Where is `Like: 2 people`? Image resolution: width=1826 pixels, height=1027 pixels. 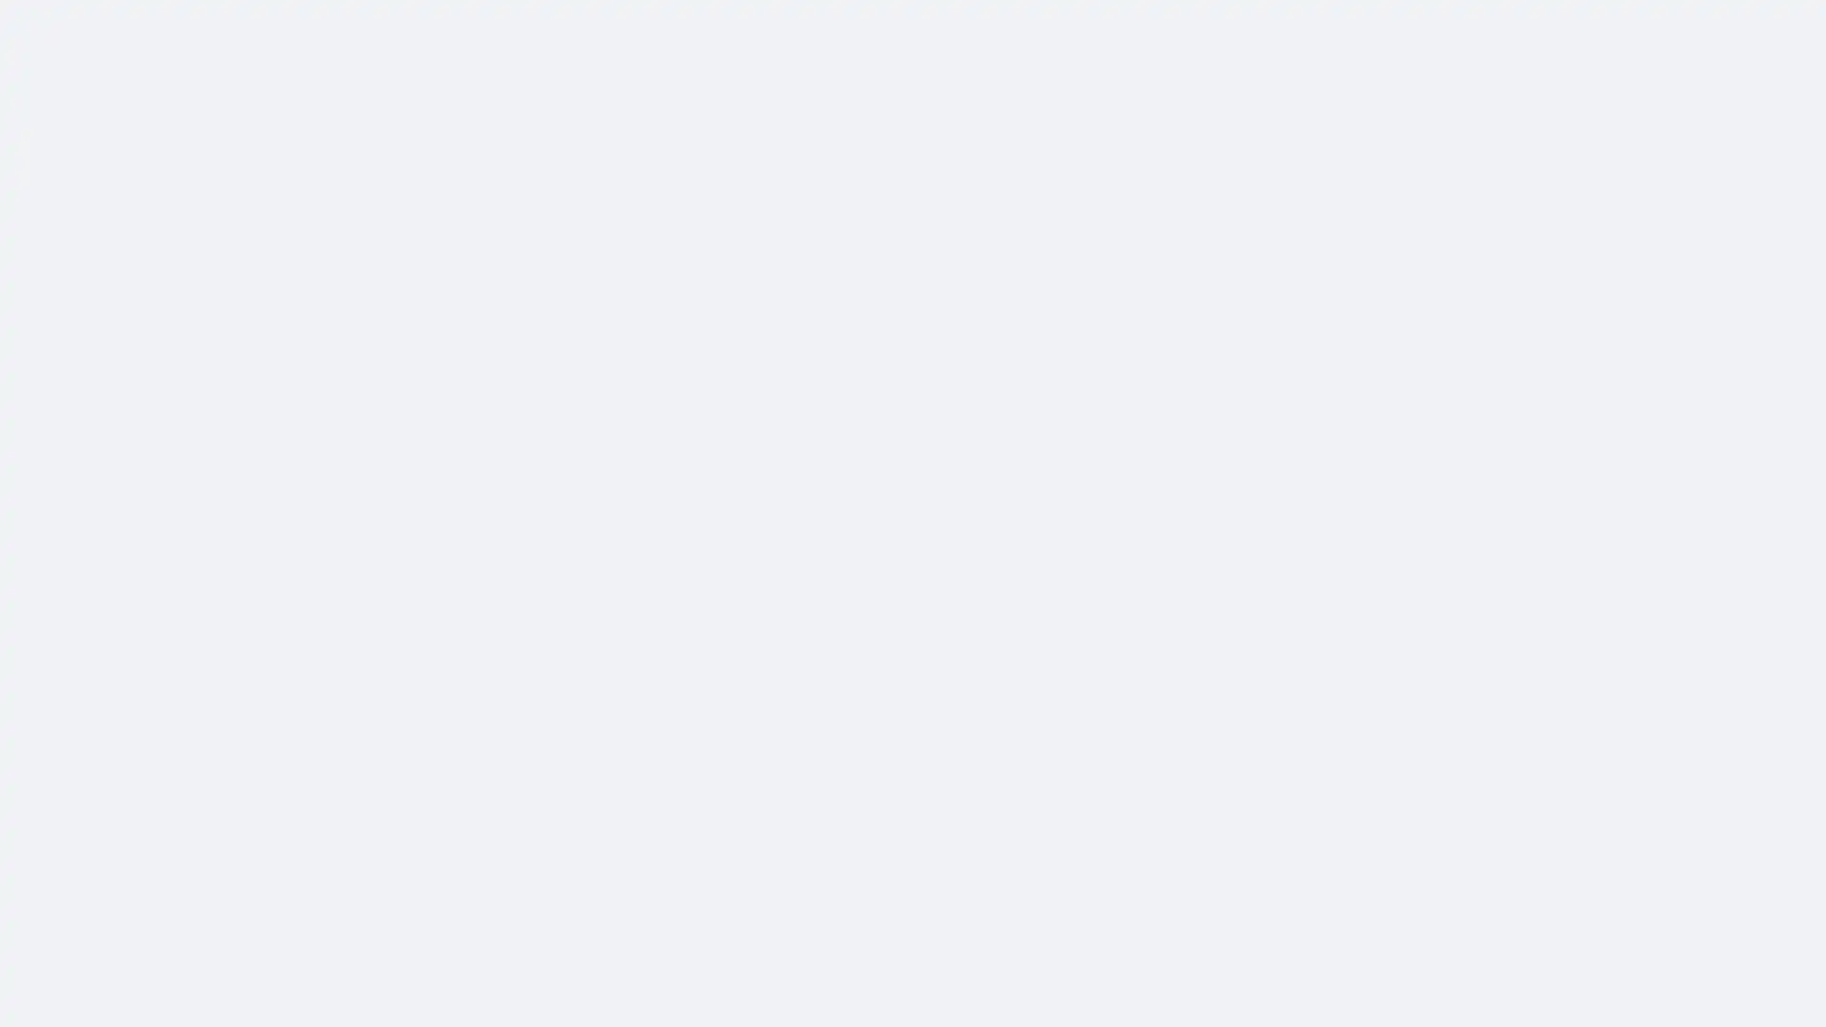 Like: 2 people is located at coordinates (879, 958).